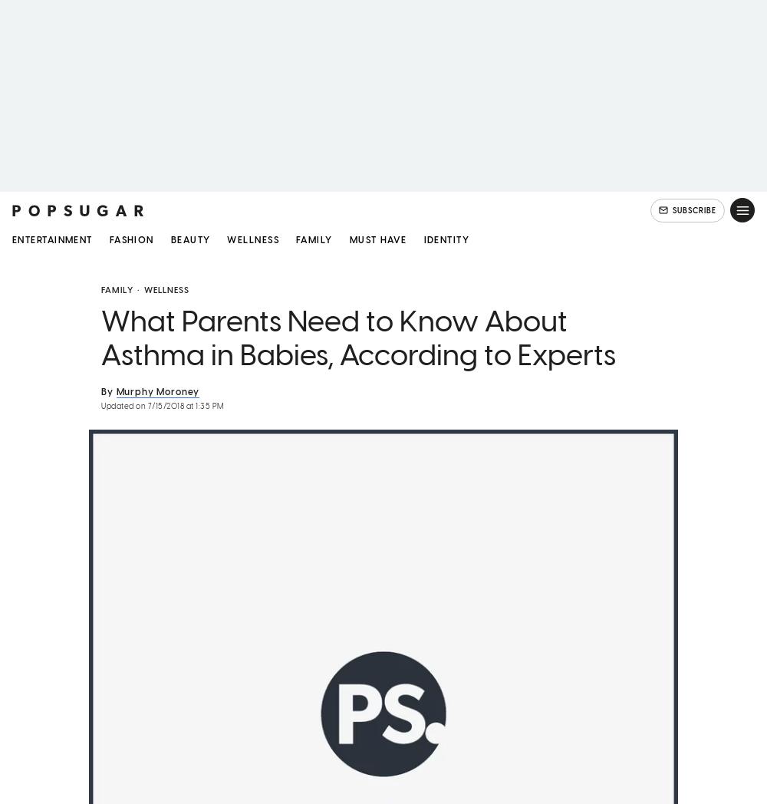  I want to click on 'By', so click(107, 392).